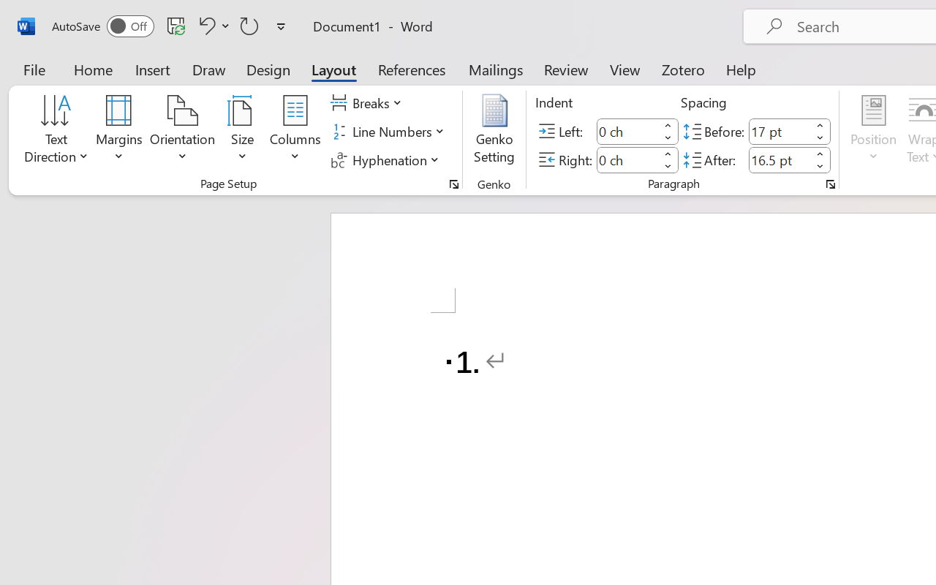 This screenshot has height=585, width=936. Describe the element at coordinates (873, 131) in the screenshot. I see `'Position'` at that location.